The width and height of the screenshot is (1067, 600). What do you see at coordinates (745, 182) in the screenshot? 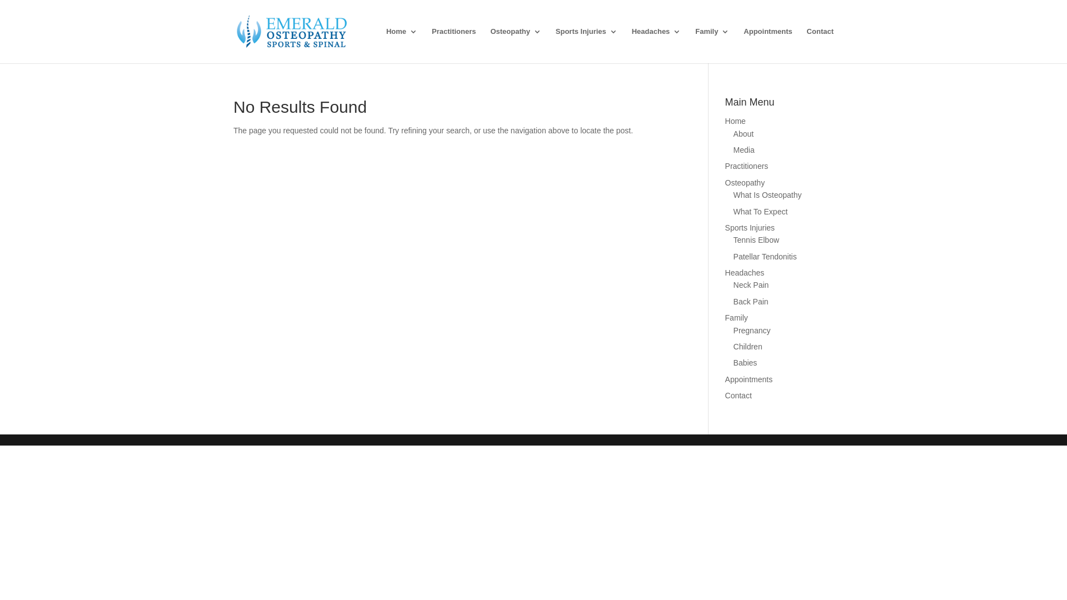
I see `'Osteopathy'` at bounding box center [745, 182].